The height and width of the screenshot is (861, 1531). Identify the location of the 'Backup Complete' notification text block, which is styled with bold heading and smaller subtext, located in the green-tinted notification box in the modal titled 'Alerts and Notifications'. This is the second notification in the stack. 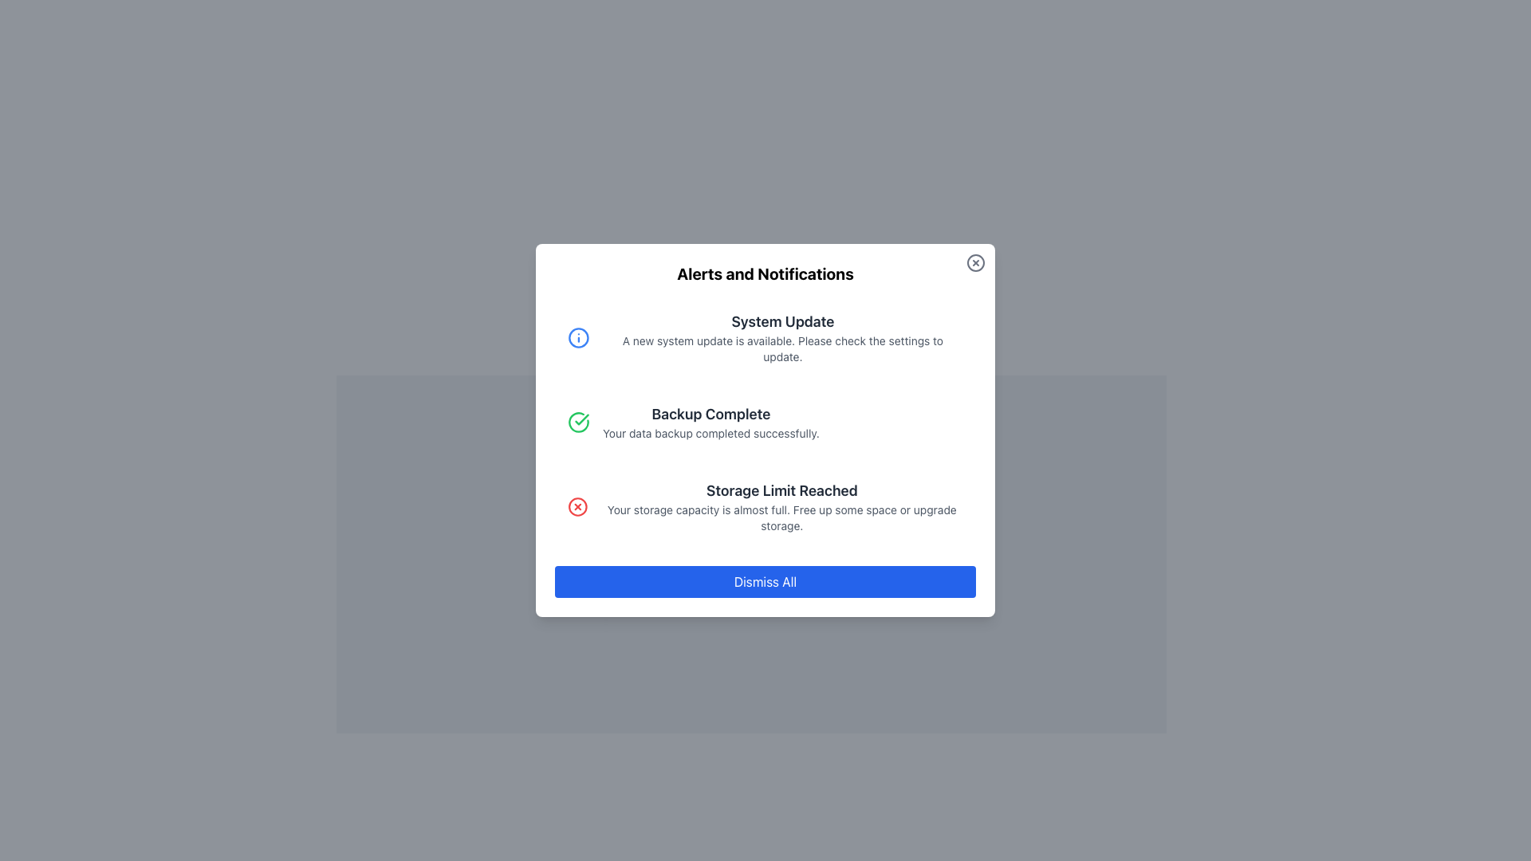
(710, 421).